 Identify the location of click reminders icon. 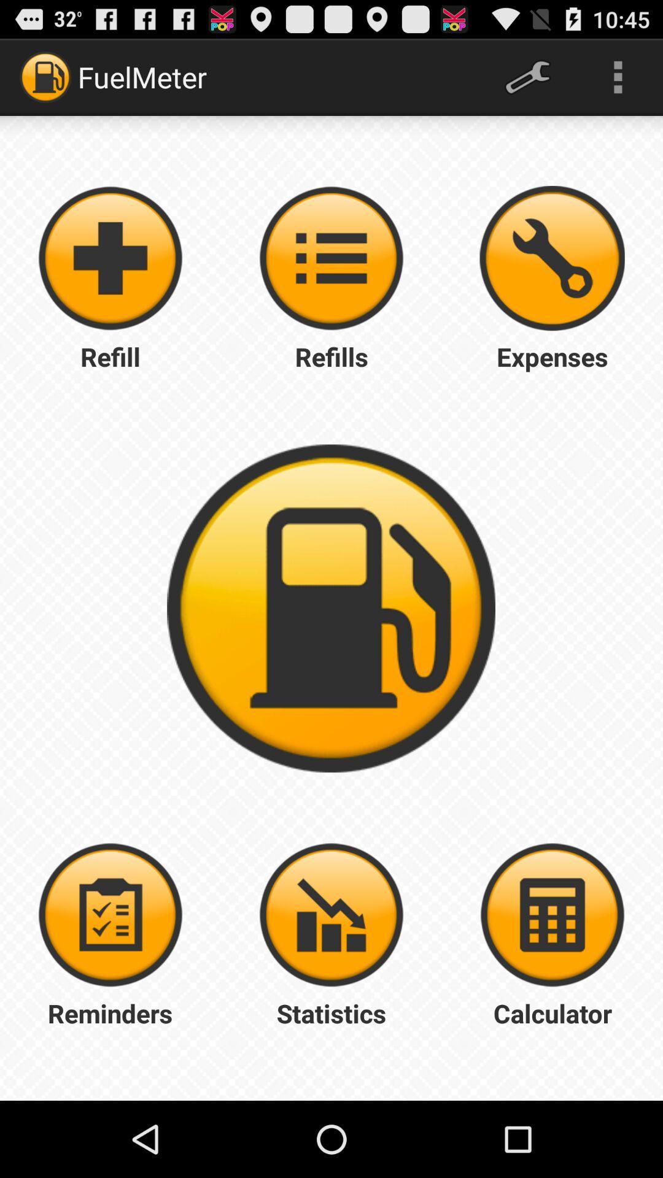
(110, 915).